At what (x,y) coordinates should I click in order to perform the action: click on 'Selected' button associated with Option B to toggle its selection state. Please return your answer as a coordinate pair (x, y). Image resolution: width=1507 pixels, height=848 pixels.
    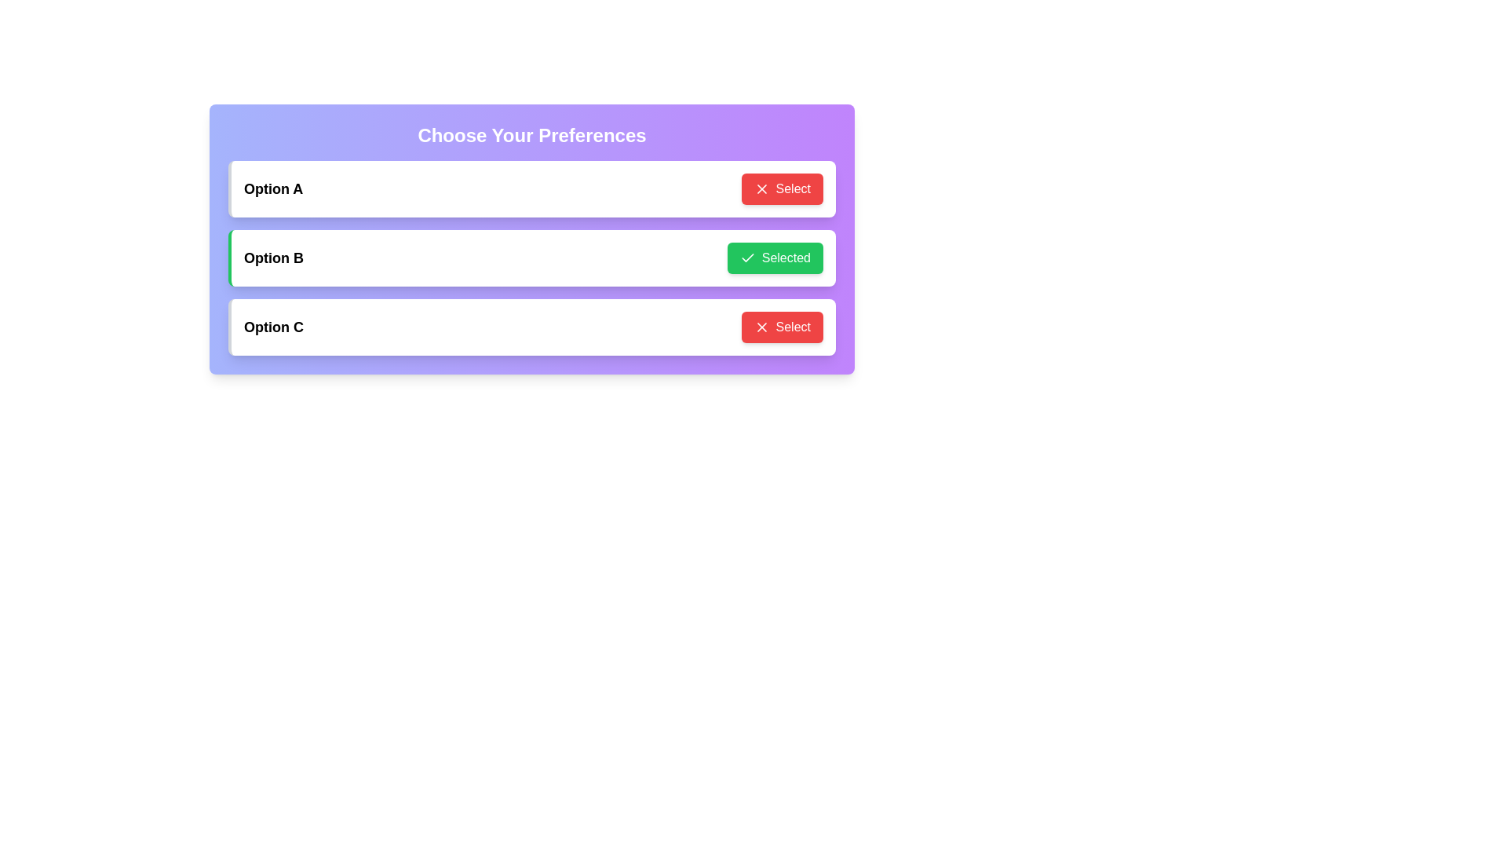
    Looking at the image, I should click on (775, 257).